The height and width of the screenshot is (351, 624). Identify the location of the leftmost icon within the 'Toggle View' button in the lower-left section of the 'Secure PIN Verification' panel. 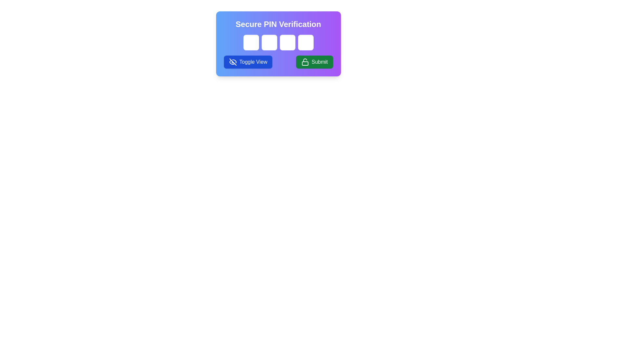
(233, 62).